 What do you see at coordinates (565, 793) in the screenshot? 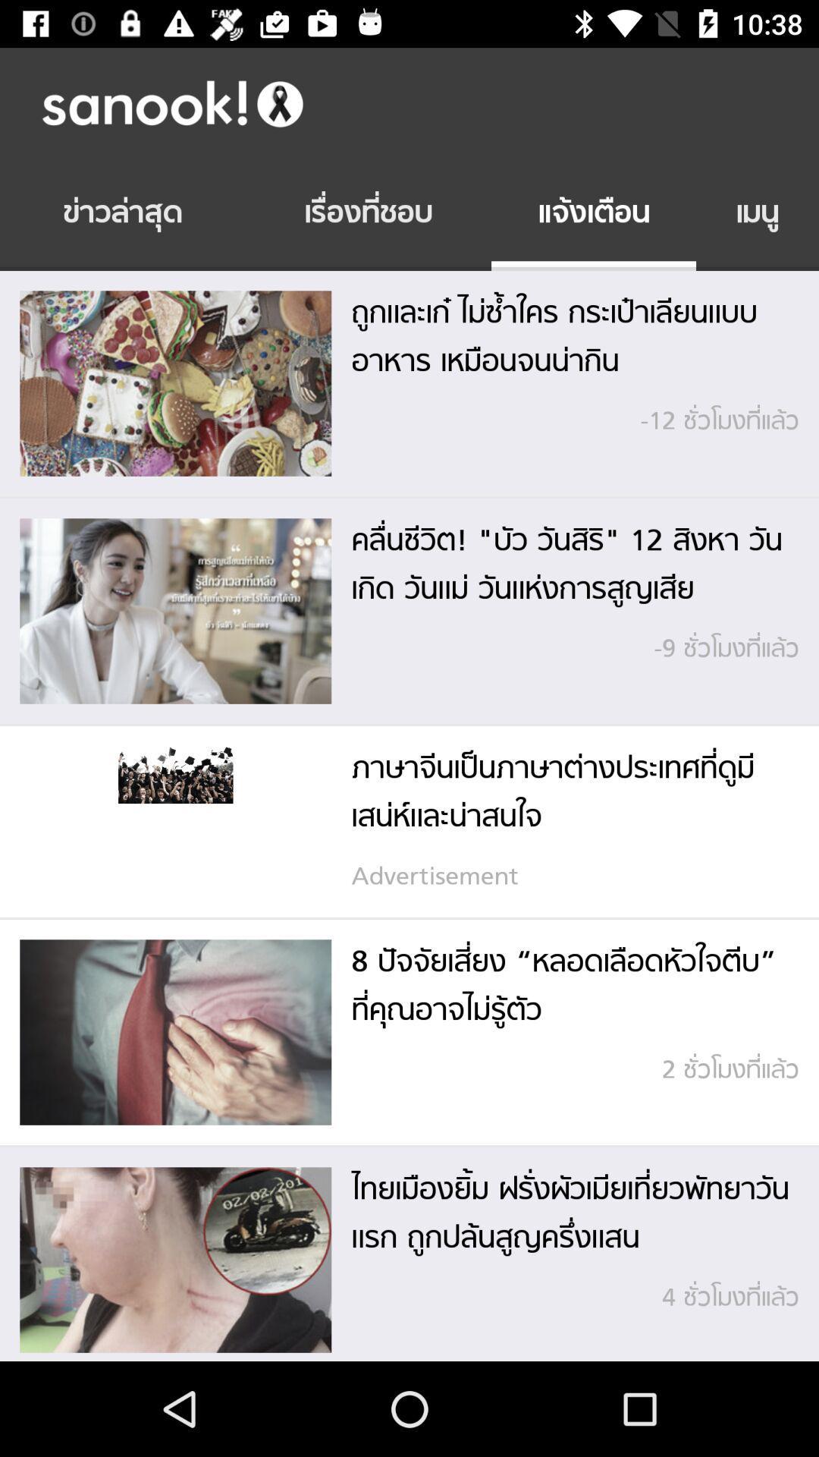
I see `the item above advertisement icon` at bounding box center [565, 793].